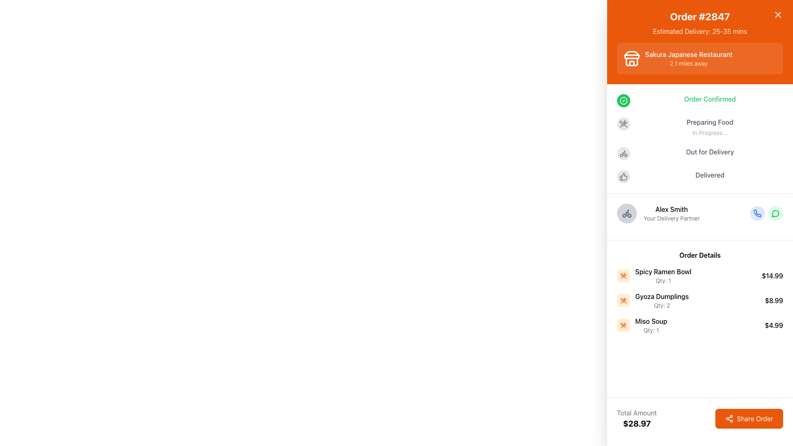 The height and width of the screenshot is (446, 793). What do you see at coordinates (654, 275) in the screenshot?
I see `the first item descriptor in the 'Order Details' section, which includes the name and quantity of the dish ordered` at bounding box center [654, 275].